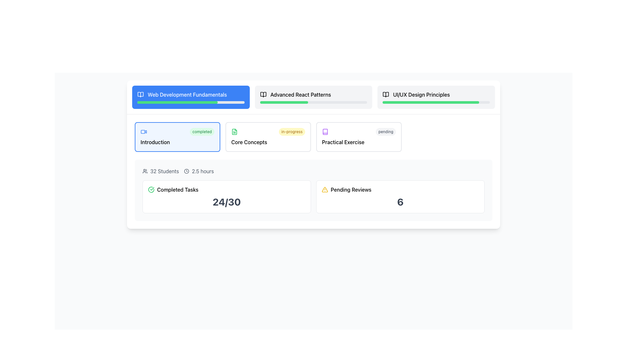  I want to click on the Progress Bar indicating the completion status of tasks related to 'UI/UX Design Principles' located at the top-right corner of the card, so click(431, 102).